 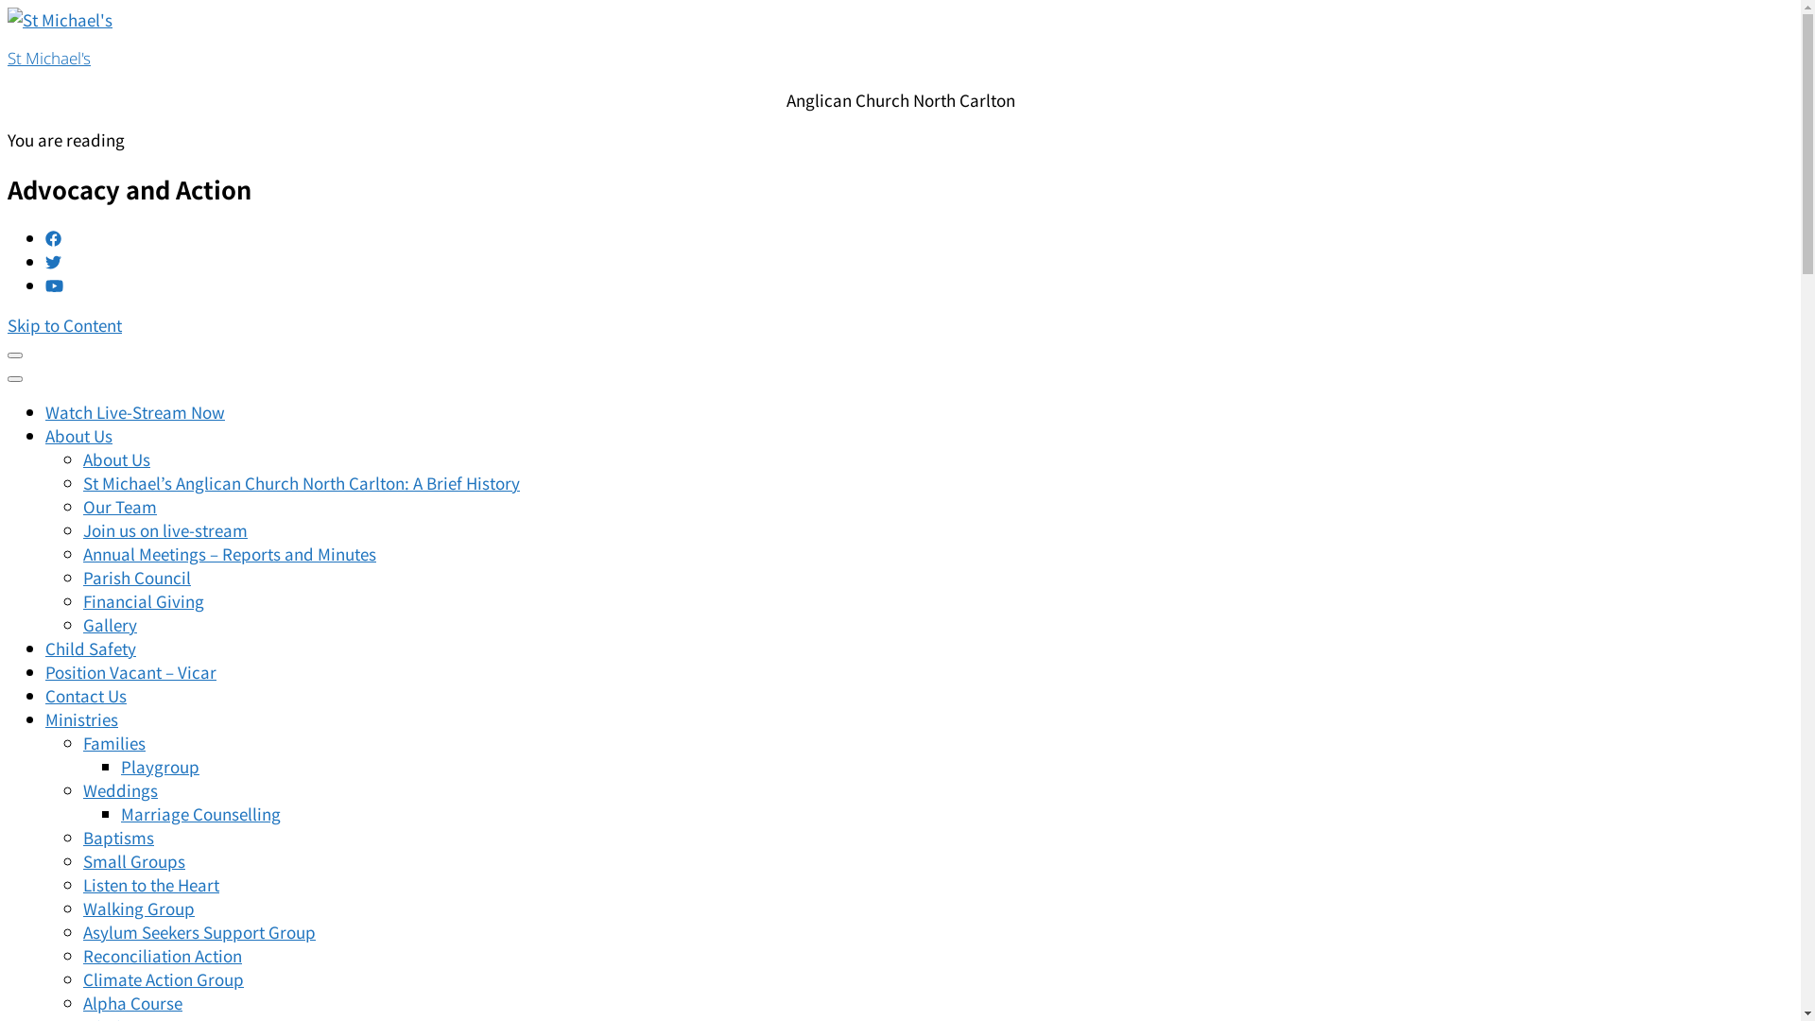 I want to click on 'Watch Live-Stream Now', so click(x=134, y=410).